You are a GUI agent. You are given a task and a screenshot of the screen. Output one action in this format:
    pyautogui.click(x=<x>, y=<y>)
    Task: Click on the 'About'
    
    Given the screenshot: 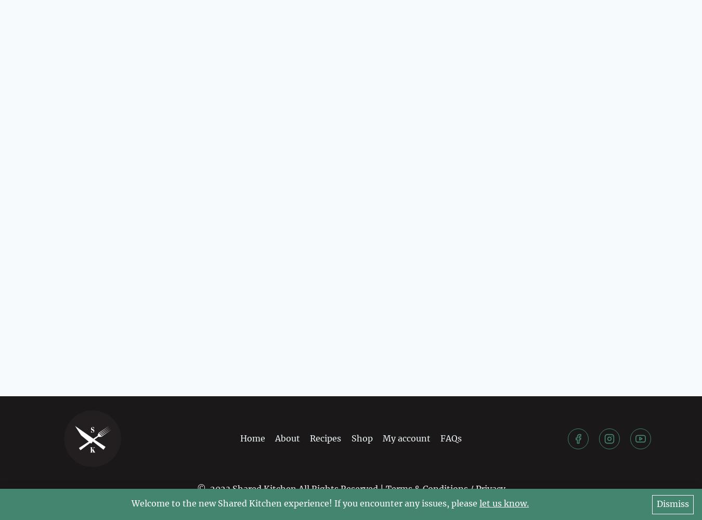 What is the action you would take?
    pyautogui.click(x=287, y=437)
    